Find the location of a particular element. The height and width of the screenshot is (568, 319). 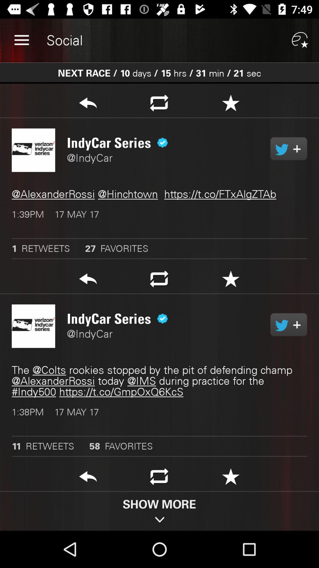

go back is located at coordinates (88, 478).